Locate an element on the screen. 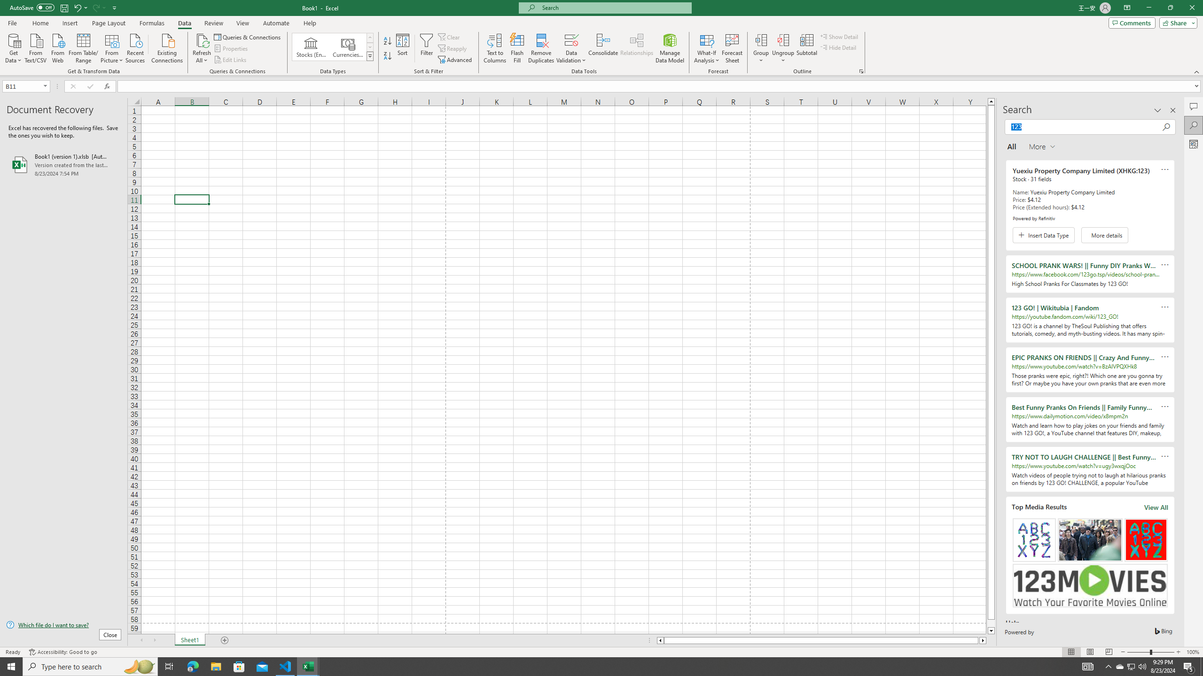 The height and width of the screenshot is (676, 1203). 'Data Validation...' is located at coordinates (571, 39).